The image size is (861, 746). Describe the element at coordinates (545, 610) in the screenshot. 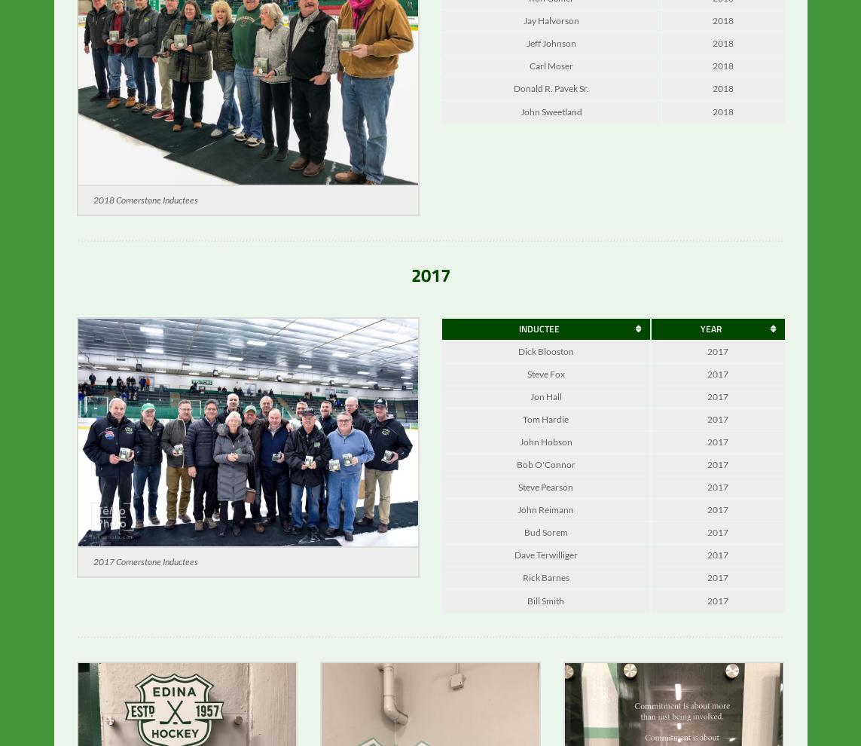

I see `'Bill Smith'` at that location.